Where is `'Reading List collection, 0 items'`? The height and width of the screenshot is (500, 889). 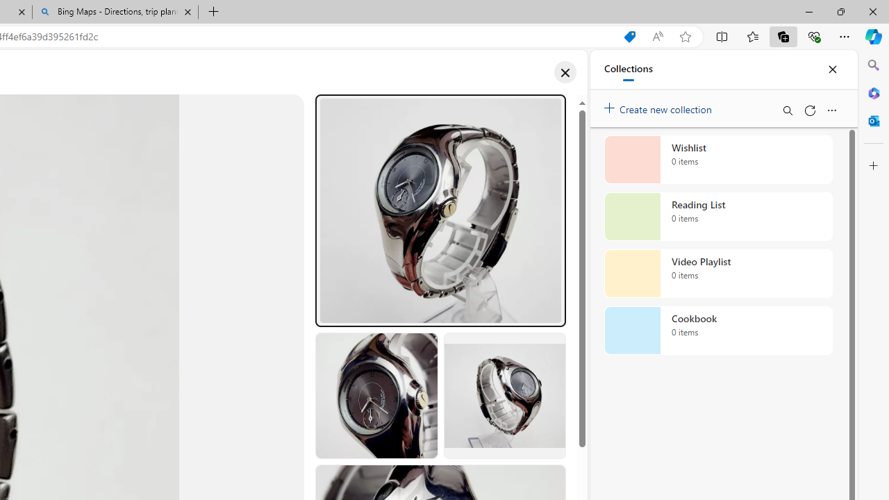
'Reading List collection, 0 items' is located at coordinates (718, 217).